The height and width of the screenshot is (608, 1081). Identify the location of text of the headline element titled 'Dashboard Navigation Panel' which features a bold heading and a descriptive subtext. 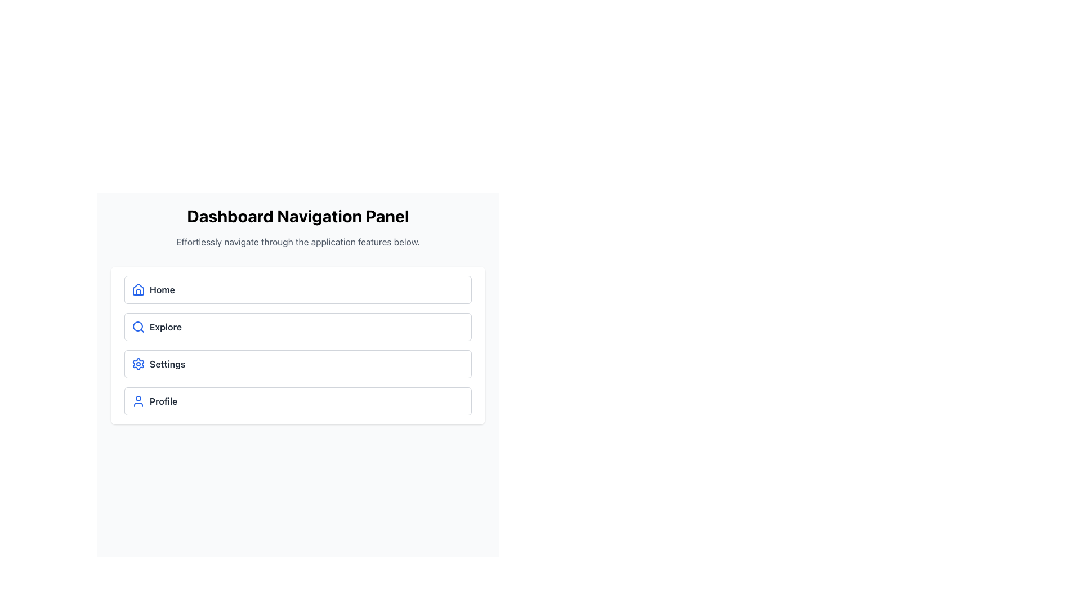
(298, 227).